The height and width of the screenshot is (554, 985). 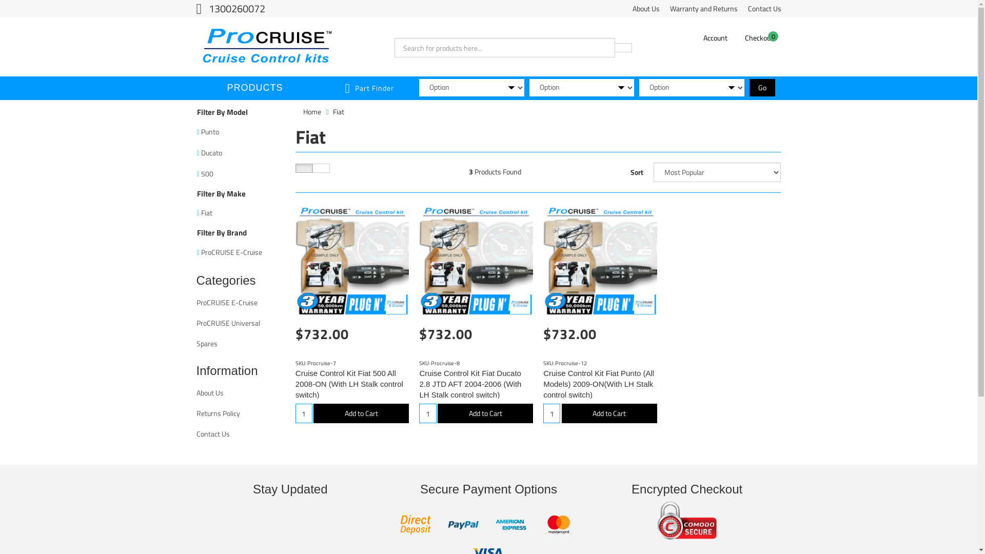 What do you see at coordinates (396, 303) in the screenshot?
I see `'ProCRUISE E-Cruise'` at bounding box center [396, 303].